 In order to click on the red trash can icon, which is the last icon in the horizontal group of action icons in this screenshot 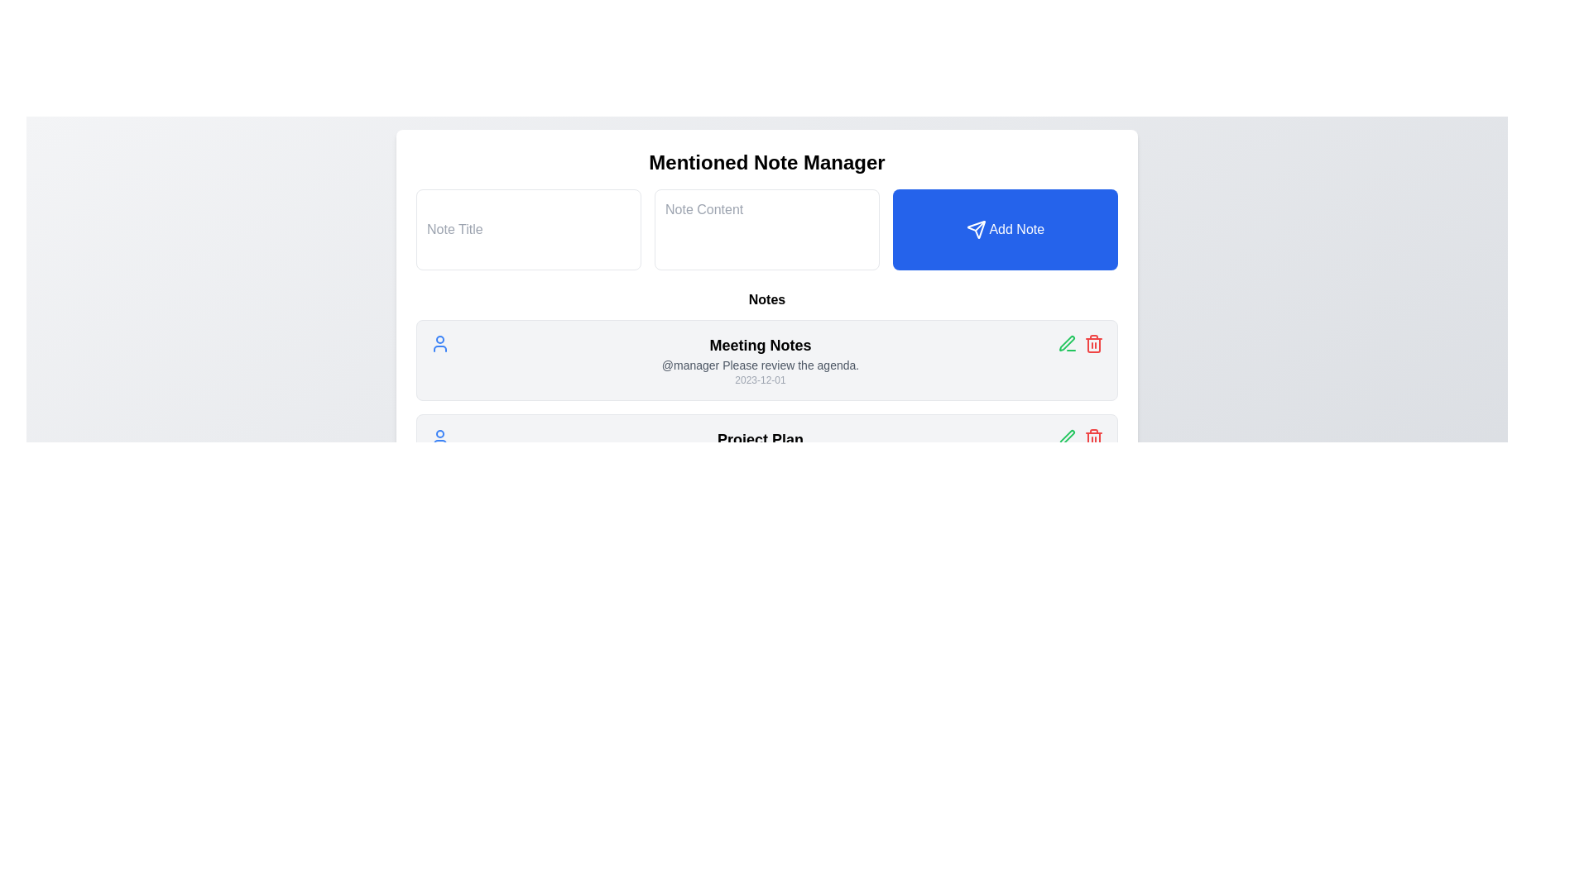, I will do `click(1093, 343)`.